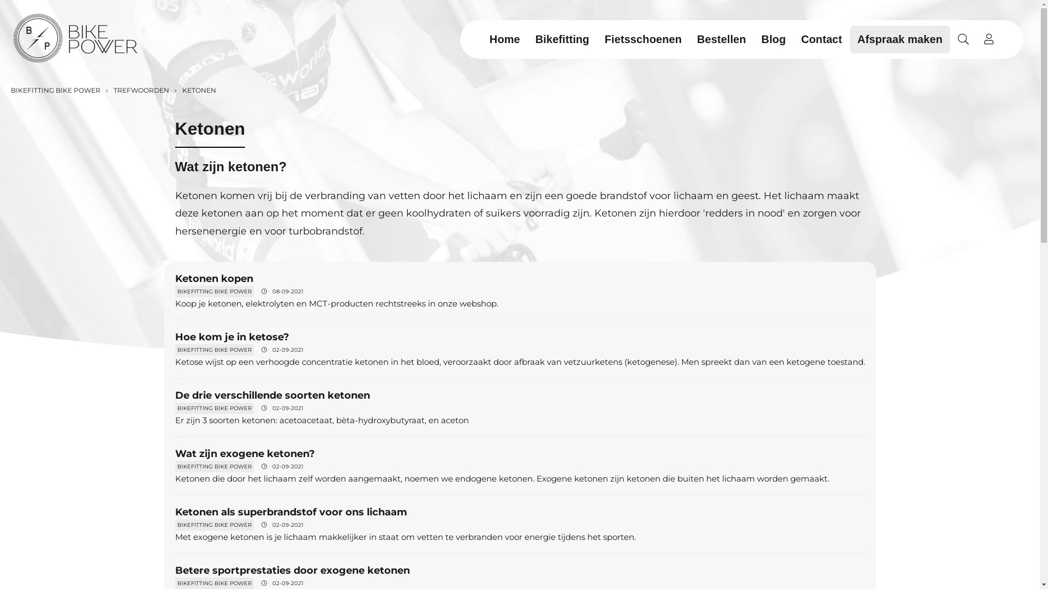 This screenshot has width=1048, height=589. What do you see at coordinates (527, 38) in the screenshot?
I see `'Bikefitting'` at bounding box center [527, 38].